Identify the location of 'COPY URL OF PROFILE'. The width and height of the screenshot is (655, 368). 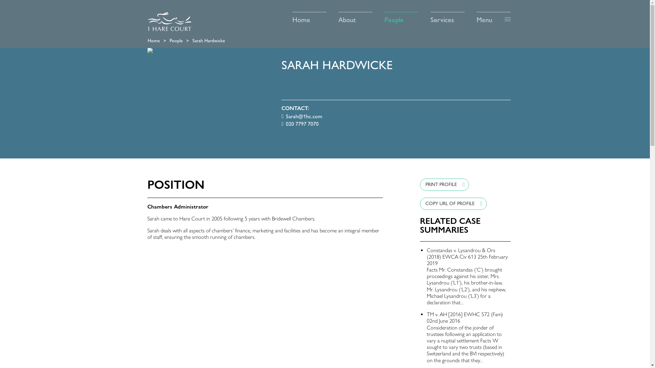
(419, 203).